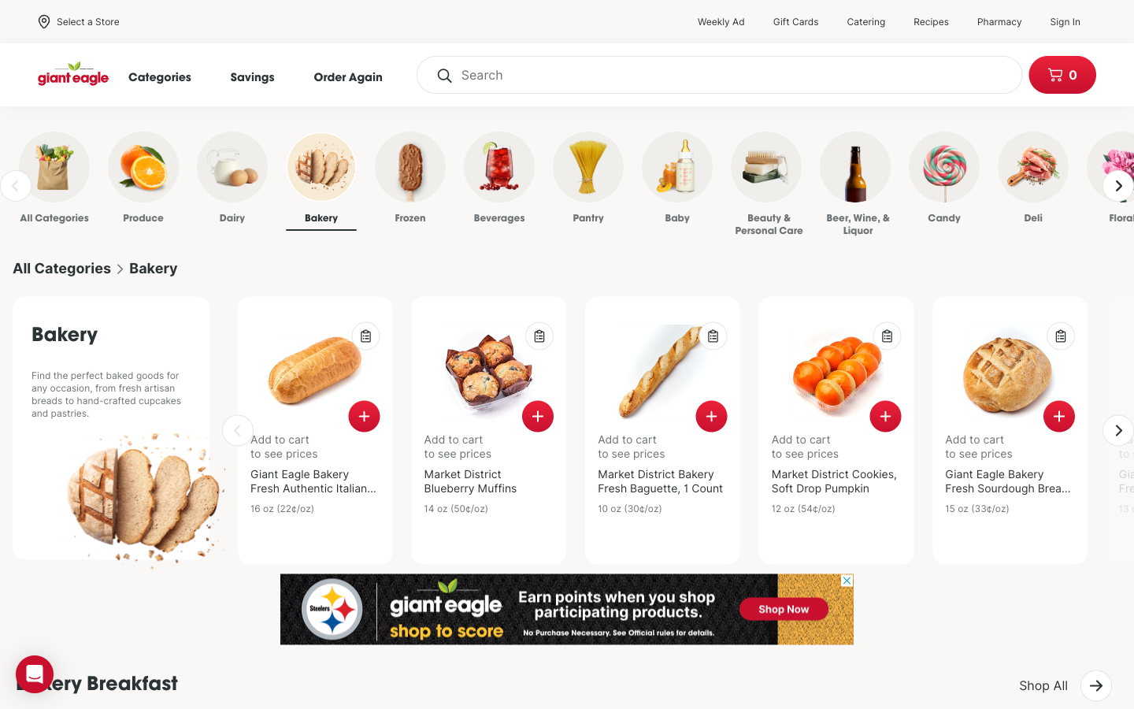  What do you see at coordinates (719, 74) in the screenshot?
I see `Look up for Brown Bread in the search bar` at bounding box center [719, 74].